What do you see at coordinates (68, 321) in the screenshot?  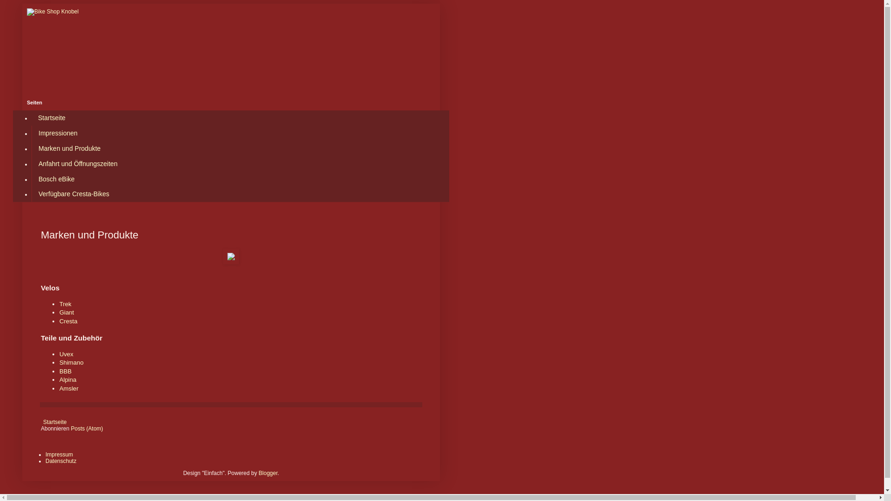 I see `'Cresta'` at bounding box center [68, 321].